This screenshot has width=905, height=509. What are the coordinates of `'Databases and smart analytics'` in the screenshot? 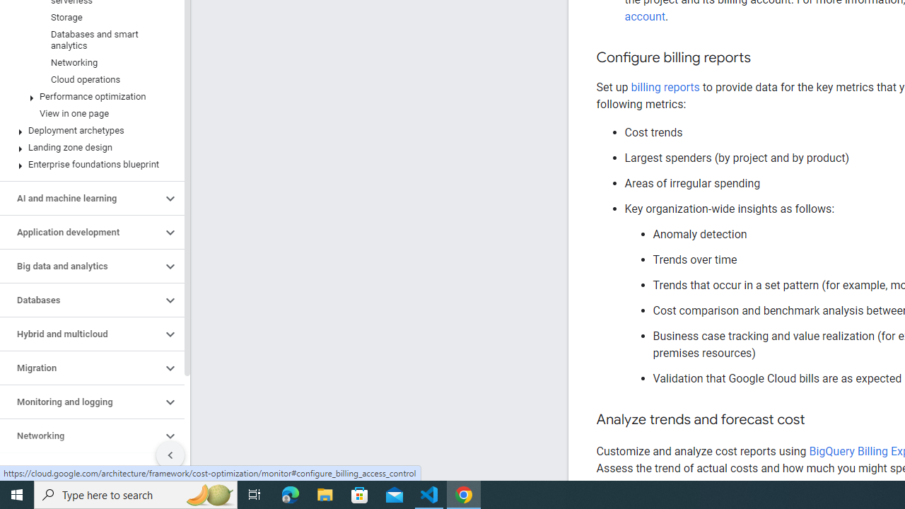 It's located at (88, 39).